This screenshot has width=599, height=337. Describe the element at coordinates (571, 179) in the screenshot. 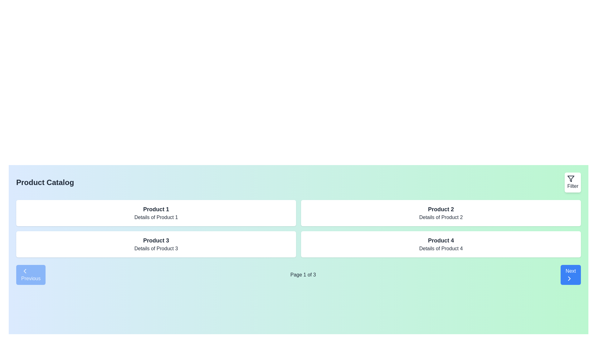

I see `the filtering icon located within the 'Filter' button at the top-right corner of the user interface to receive visual feedback` at that location.